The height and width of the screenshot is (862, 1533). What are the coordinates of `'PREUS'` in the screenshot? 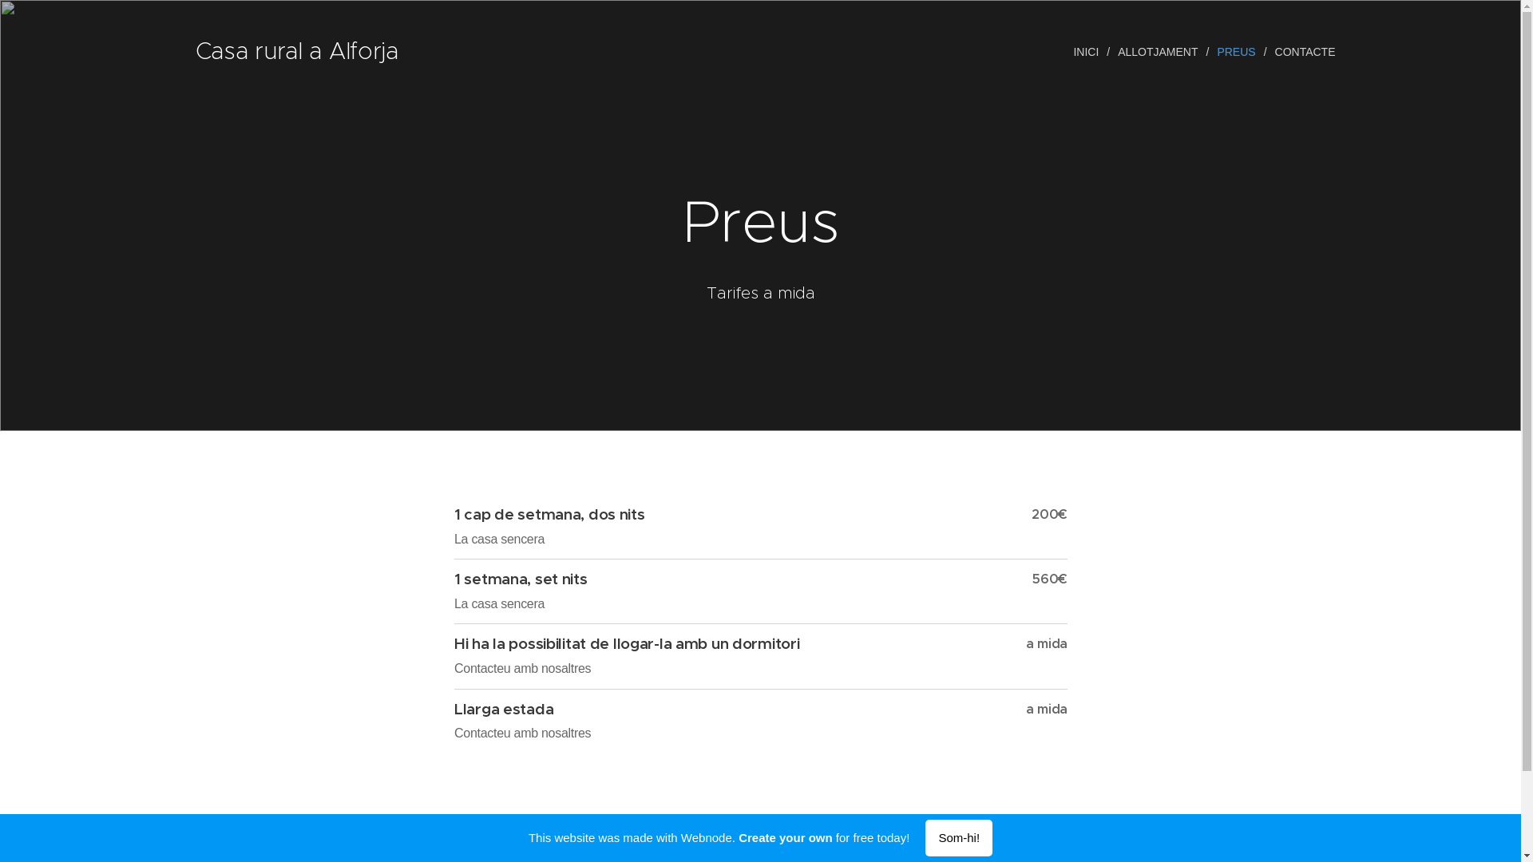 It's located at (1237, 51).